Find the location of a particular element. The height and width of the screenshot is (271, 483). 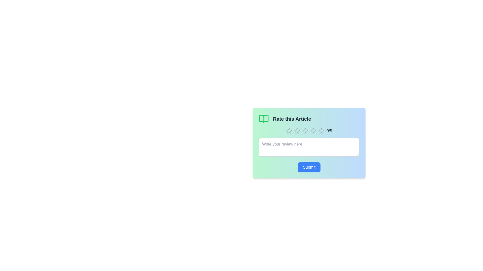

the star corresponding to the rating 5 is located at coordinates (321, 130).